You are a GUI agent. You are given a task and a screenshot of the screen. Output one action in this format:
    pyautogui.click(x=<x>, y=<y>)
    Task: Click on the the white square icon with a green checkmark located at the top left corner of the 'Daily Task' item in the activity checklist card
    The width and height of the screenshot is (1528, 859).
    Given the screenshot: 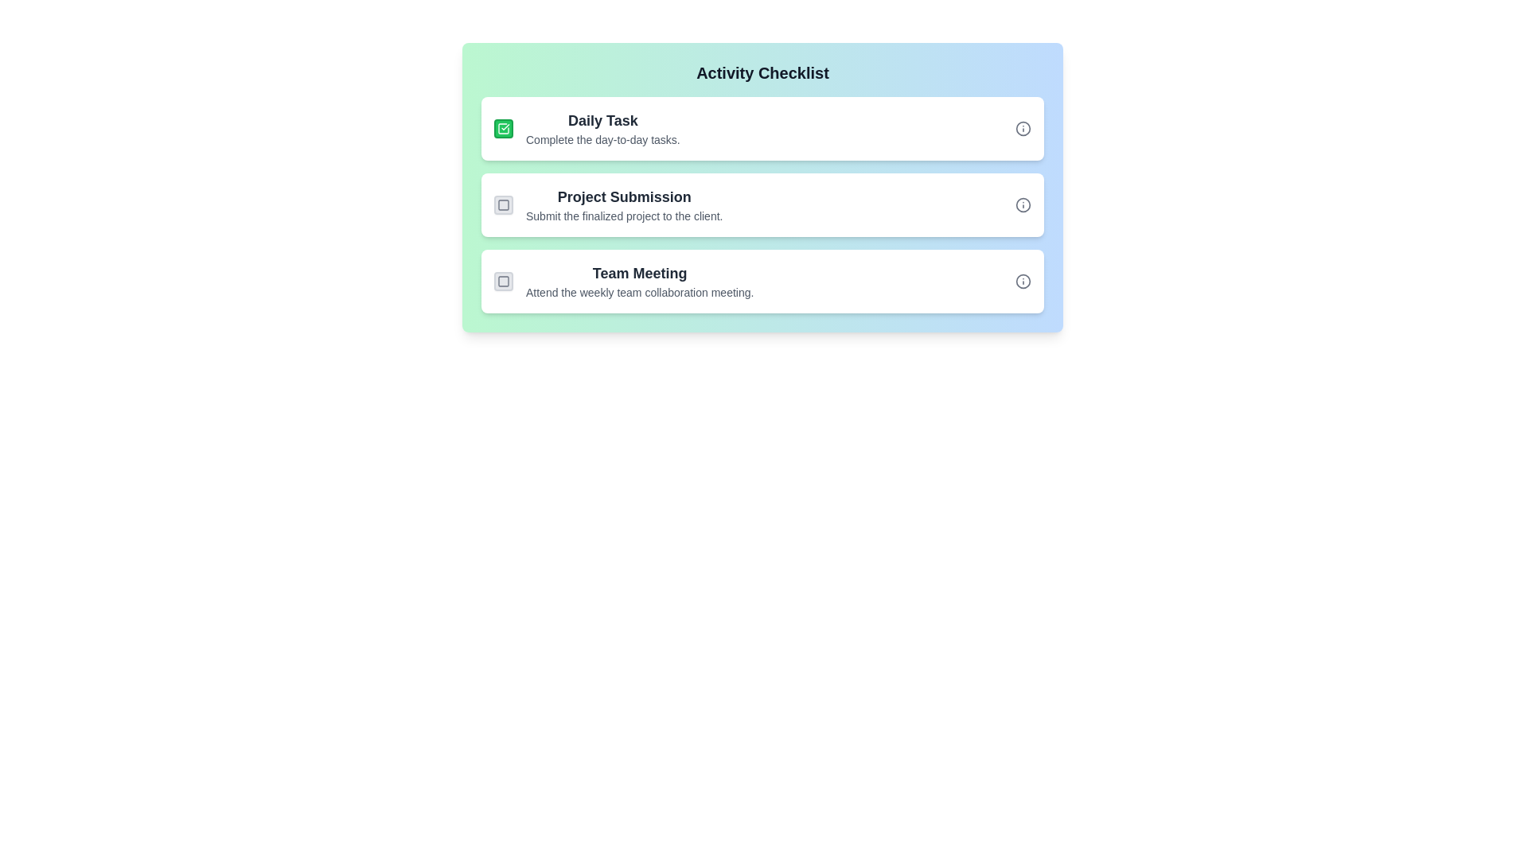 What is the action you would take?
    pyautogui.click(x=503, y=128)
    